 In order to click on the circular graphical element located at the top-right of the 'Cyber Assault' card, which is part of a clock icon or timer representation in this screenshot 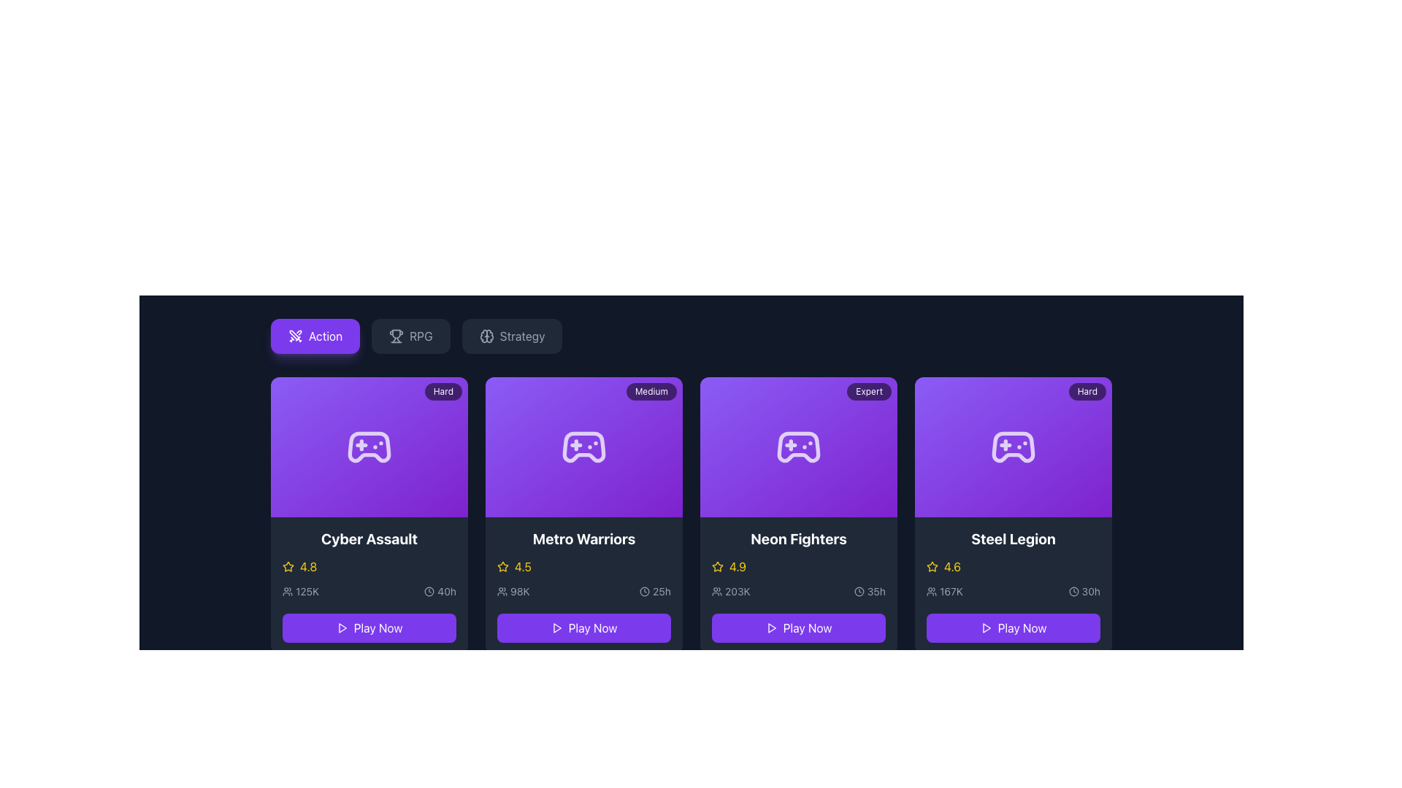, I will do `click(429, 591)`.